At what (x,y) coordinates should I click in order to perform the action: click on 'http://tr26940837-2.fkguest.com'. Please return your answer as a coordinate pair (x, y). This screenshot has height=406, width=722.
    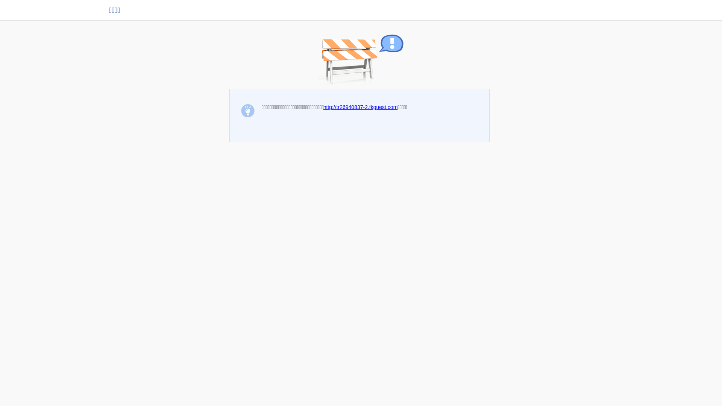
    Looking at the image, I should click on (360, 107).